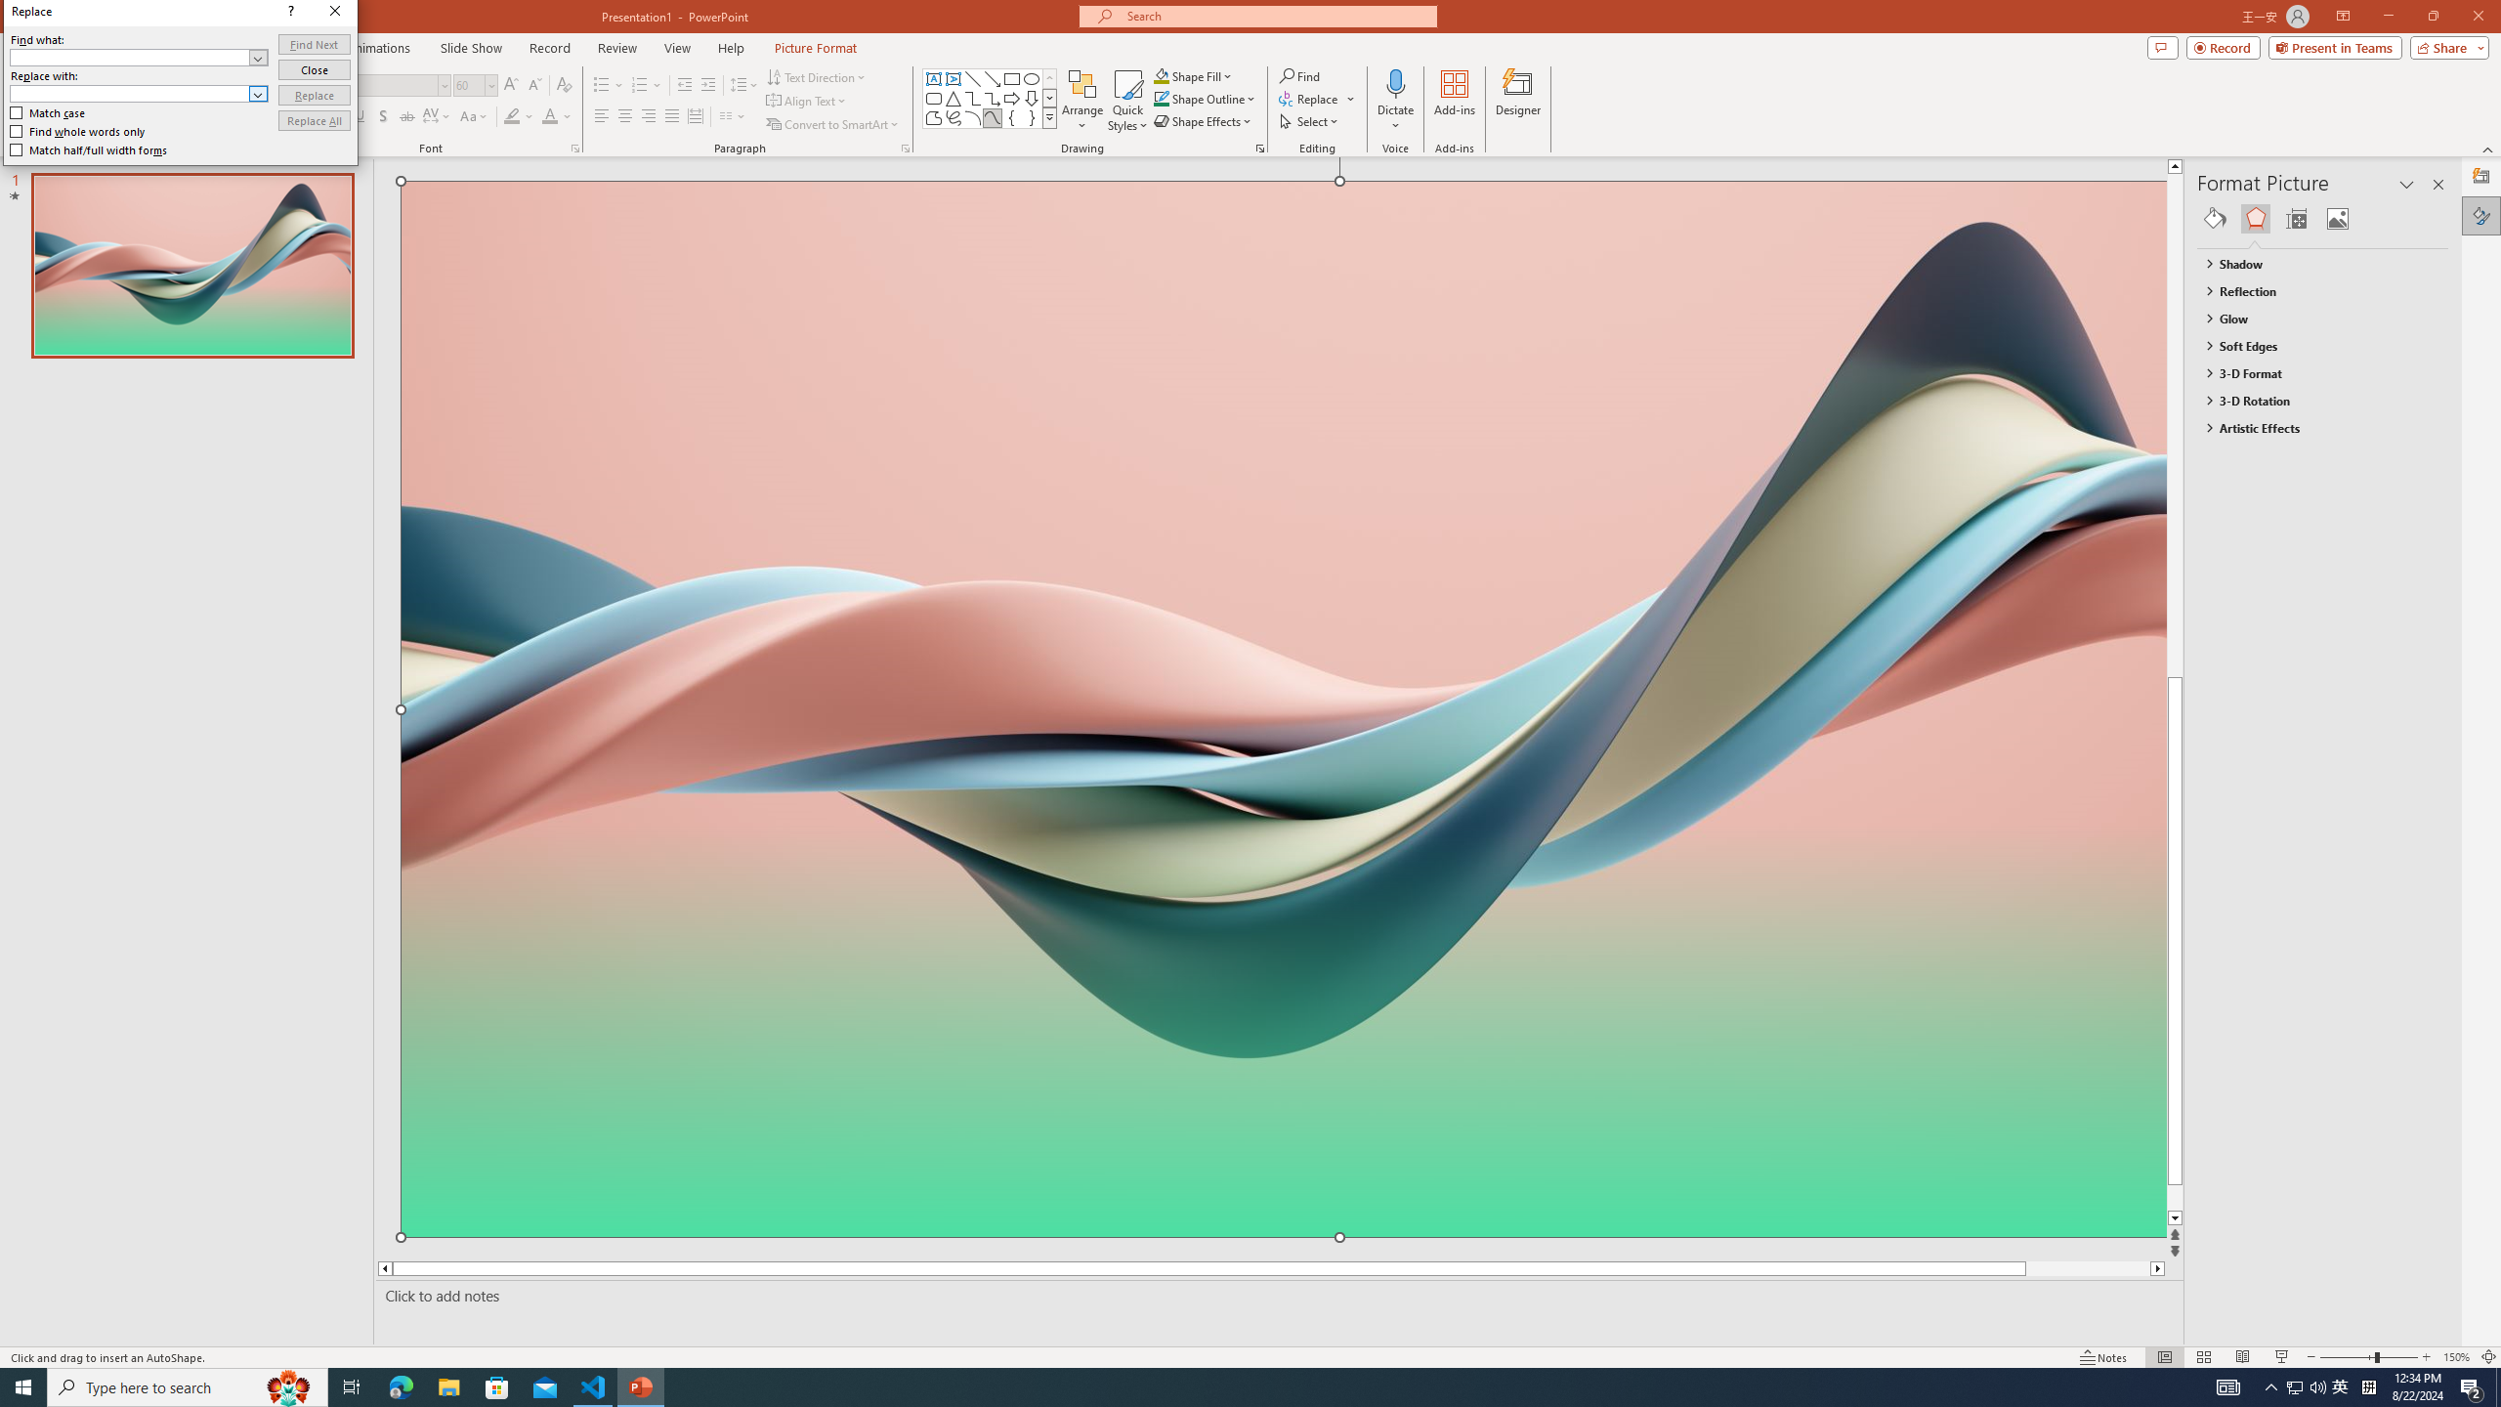  I want to click on 'Soft Edges', so click(2313, 345).